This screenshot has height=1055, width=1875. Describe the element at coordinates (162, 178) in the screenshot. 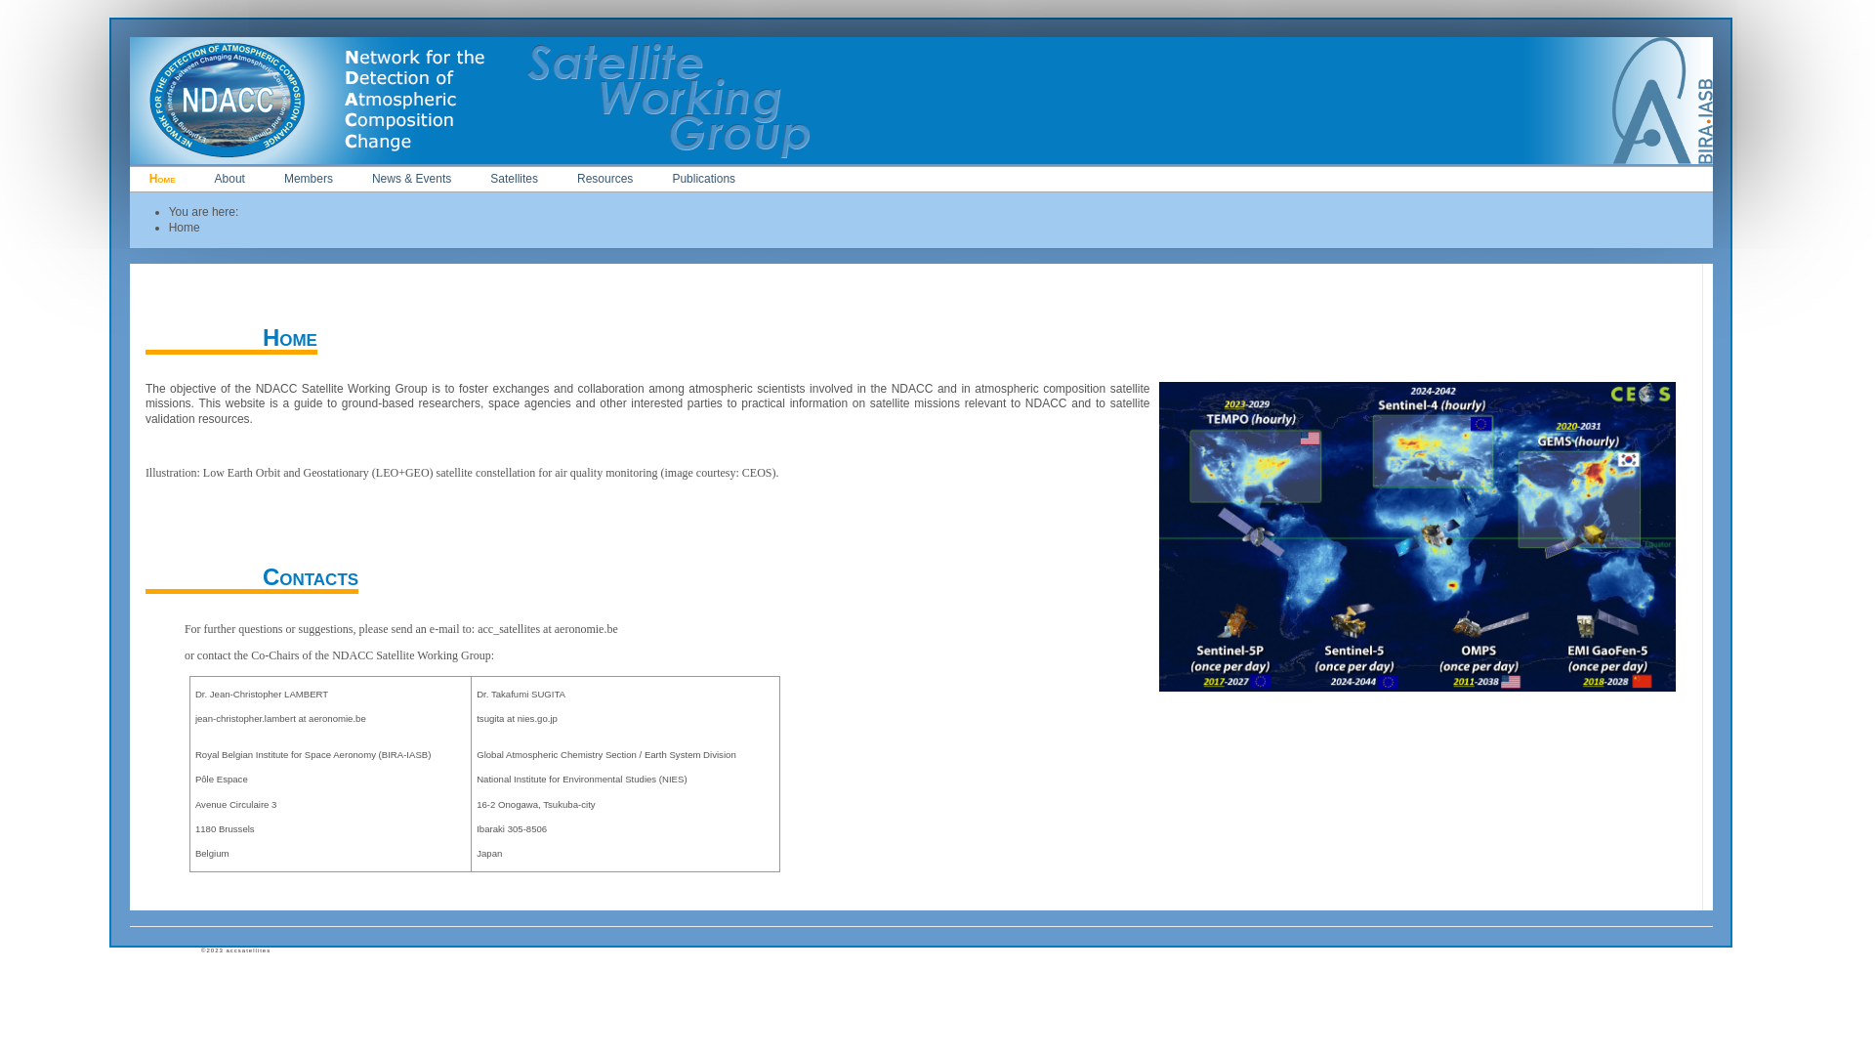

I see `'Home'` at that location.